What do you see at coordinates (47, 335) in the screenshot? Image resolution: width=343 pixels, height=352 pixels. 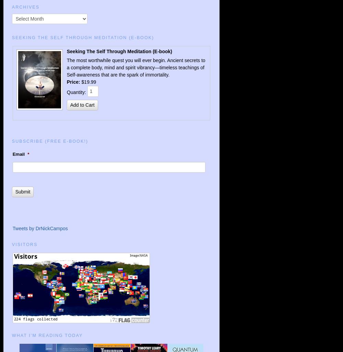 I see `'What I’m reading today'` at bounding box center [47, 335].